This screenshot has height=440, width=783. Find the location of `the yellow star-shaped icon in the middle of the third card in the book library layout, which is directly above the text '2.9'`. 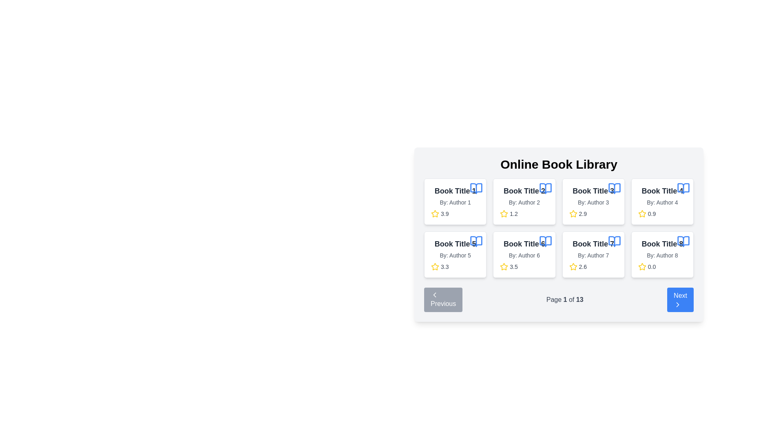

the yellow star-shaped icon in the middle of the third card in the book library layout, which is directly above the text '2.9' is located at coordinates (573, 213).